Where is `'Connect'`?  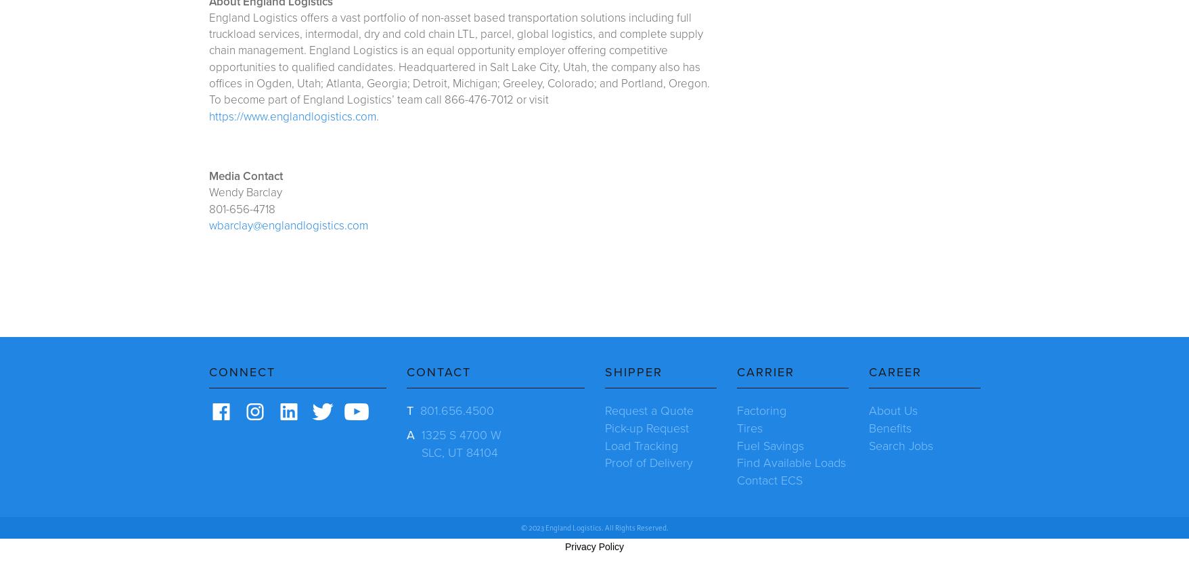
'Connect' is located at coordinates (242, 371).